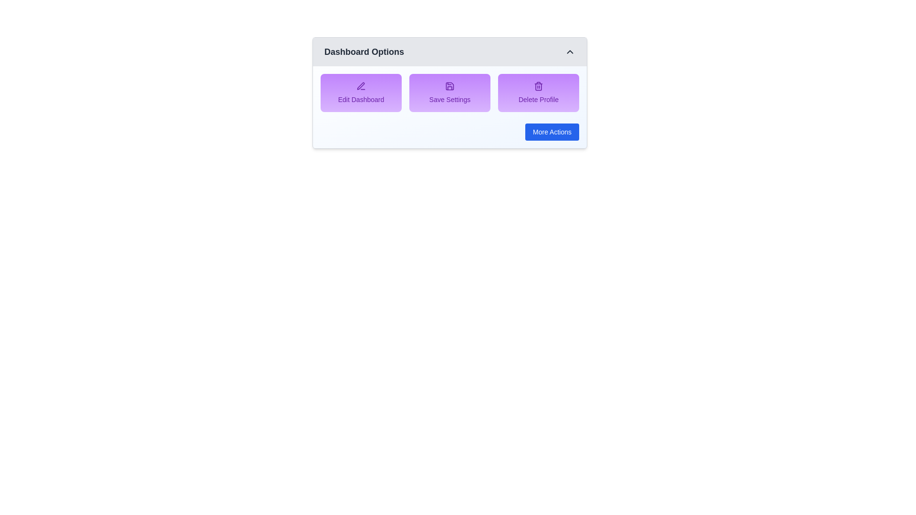 This screenshot has width=916, height=515. I want to click on the 'Delete Profile' option in the dashboard menu, so click(538, 93).